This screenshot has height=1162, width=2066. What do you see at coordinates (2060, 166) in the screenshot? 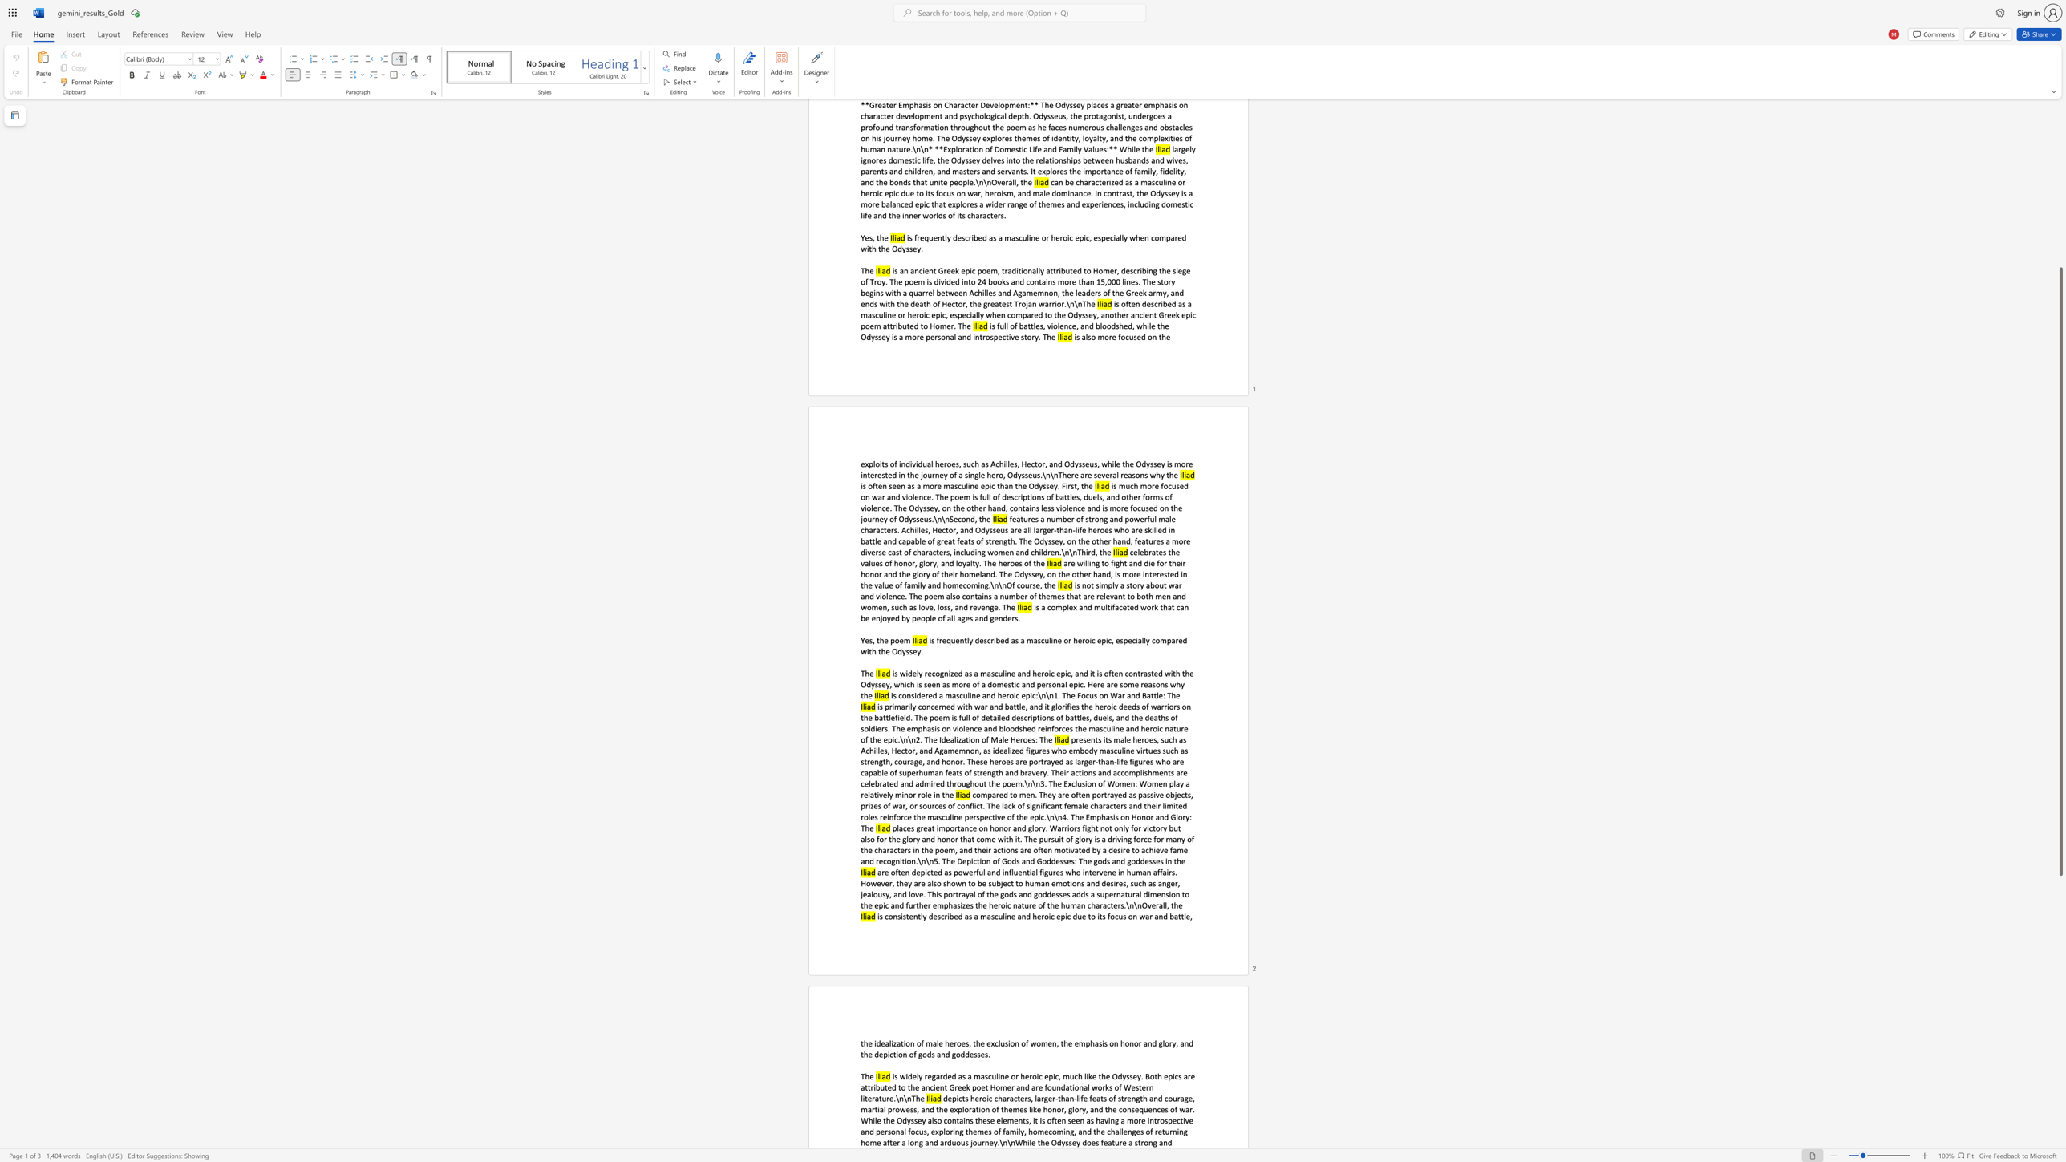
I see `the scrollbar to scroll upward` at bounding box center [2060, 166].